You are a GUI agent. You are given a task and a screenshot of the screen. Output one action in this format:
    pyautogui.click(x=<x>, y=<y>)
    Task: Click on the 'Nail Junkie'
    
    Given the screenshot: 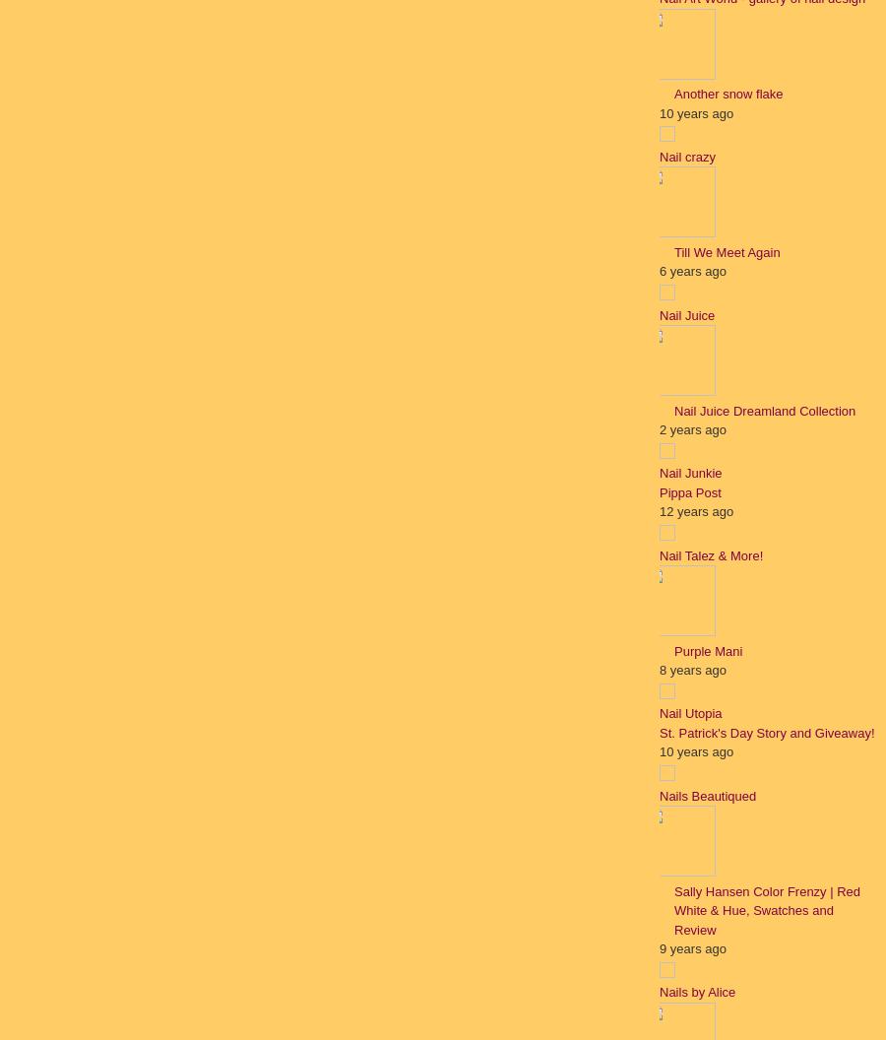 What is the action you would take?
    pyautogui.click(x=689, y=472)
    